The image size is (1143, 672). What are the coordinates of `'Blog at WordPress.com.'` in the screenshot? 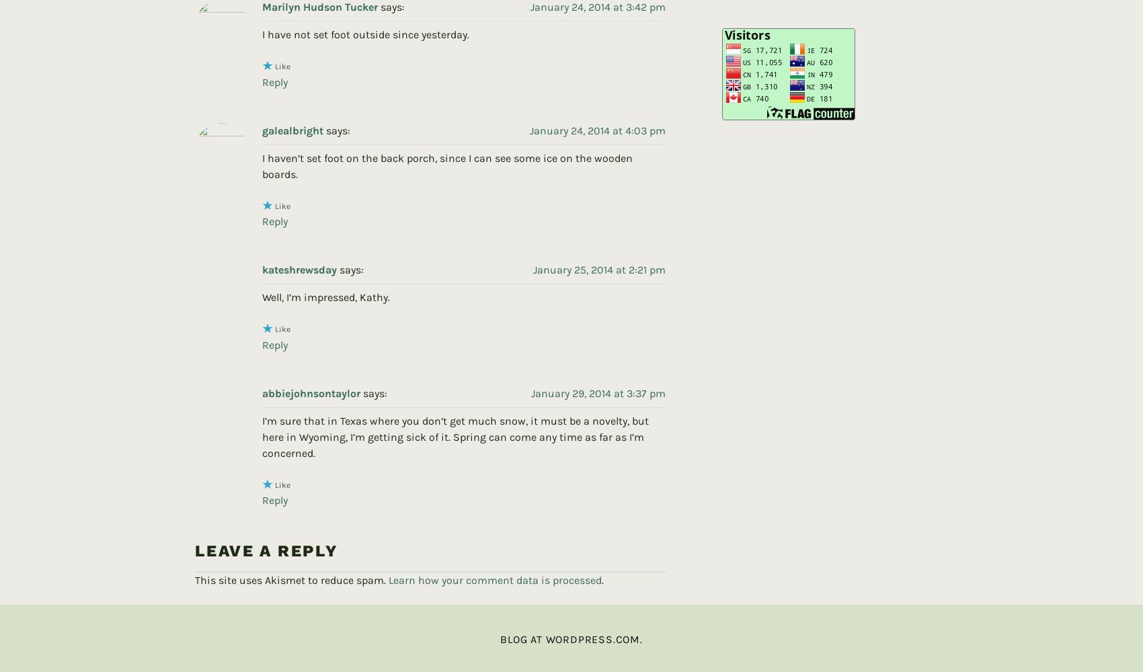 It's located at (570, 618).